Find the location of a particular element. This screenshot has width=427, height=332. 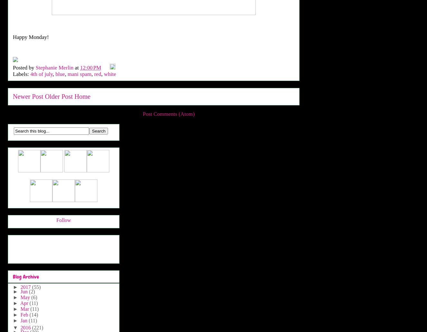

'Newer Post' is located at coordinates (28, 96).